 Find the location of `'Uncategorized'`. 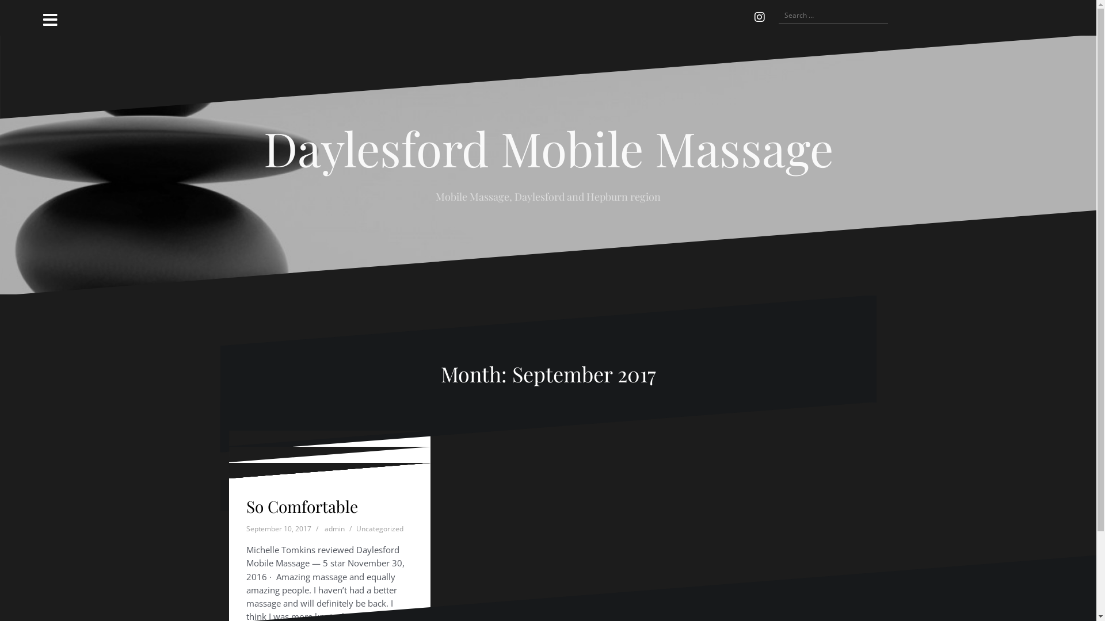

'Uncategorized' is located at coordinates (379, 512).